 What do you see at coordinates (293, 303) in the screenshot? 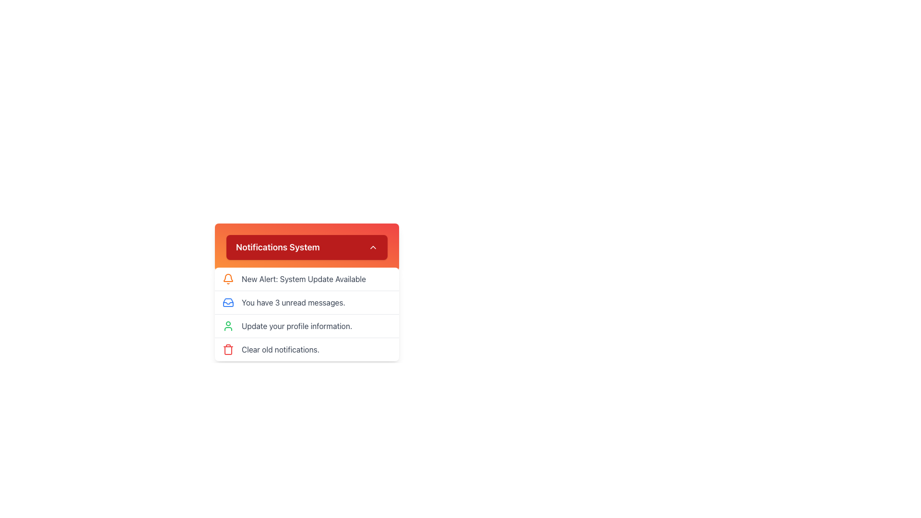
I see `text element that displays 'You have 3 unread messages.' which is styled in dark gray and positioned to the right of the message box icon in the Notifications System` at bounding box center [293, 303].